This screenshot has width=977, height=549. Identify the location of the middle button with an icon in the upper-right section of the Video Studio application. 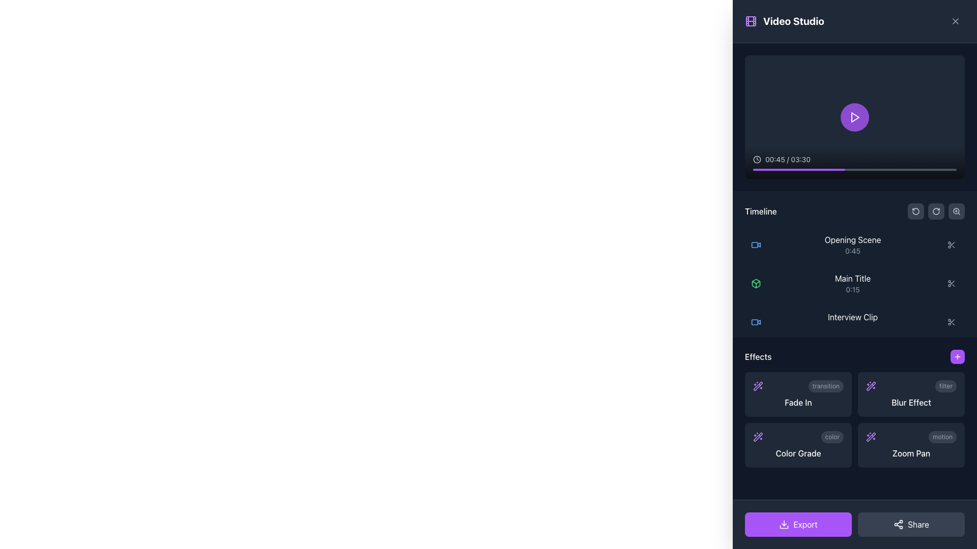
(936, 211).